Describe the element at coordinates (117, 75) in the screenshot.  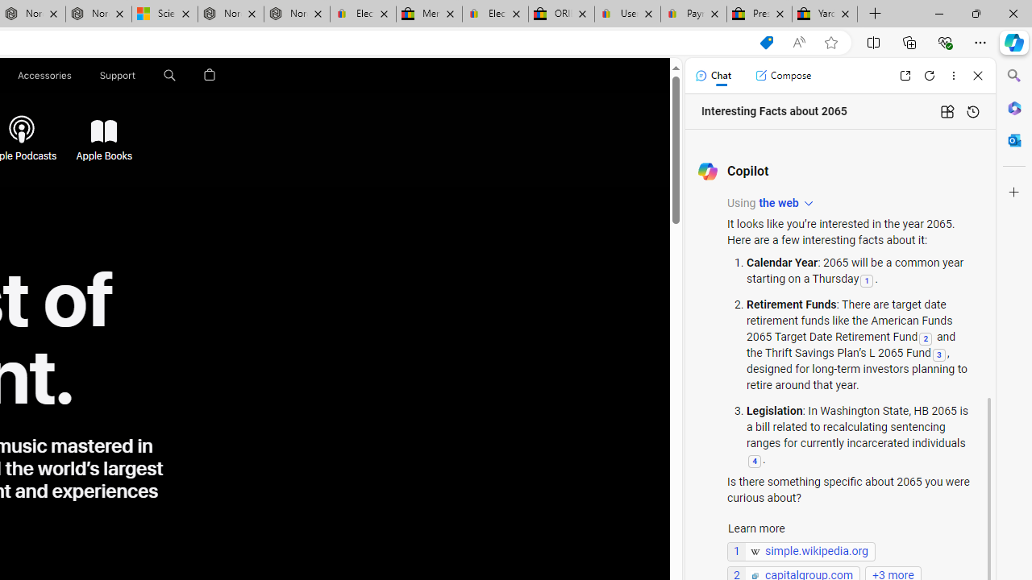
I see `'Support'` at that location.